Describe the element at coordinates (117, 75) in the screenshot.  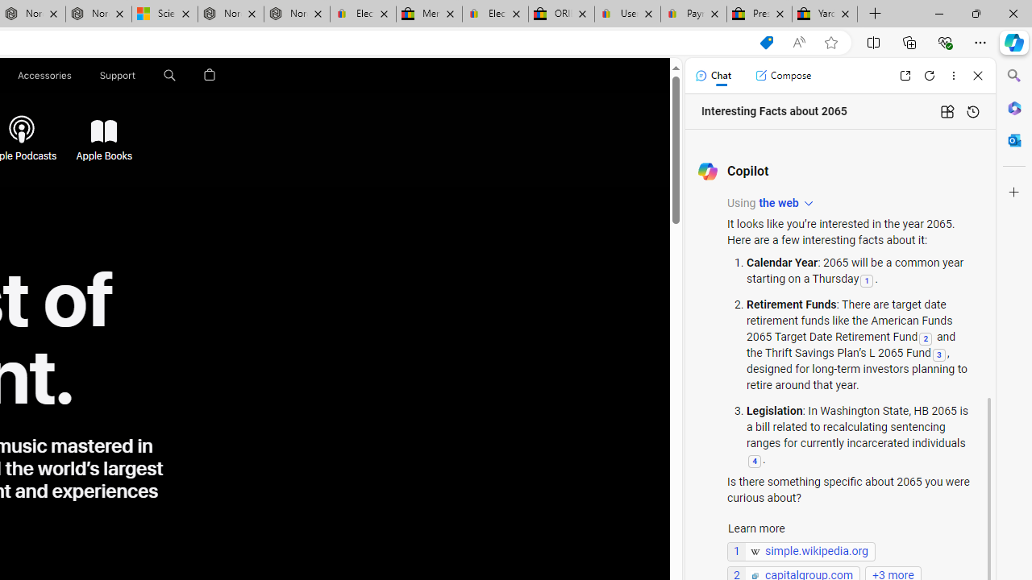
I see `'Support'` at that location.